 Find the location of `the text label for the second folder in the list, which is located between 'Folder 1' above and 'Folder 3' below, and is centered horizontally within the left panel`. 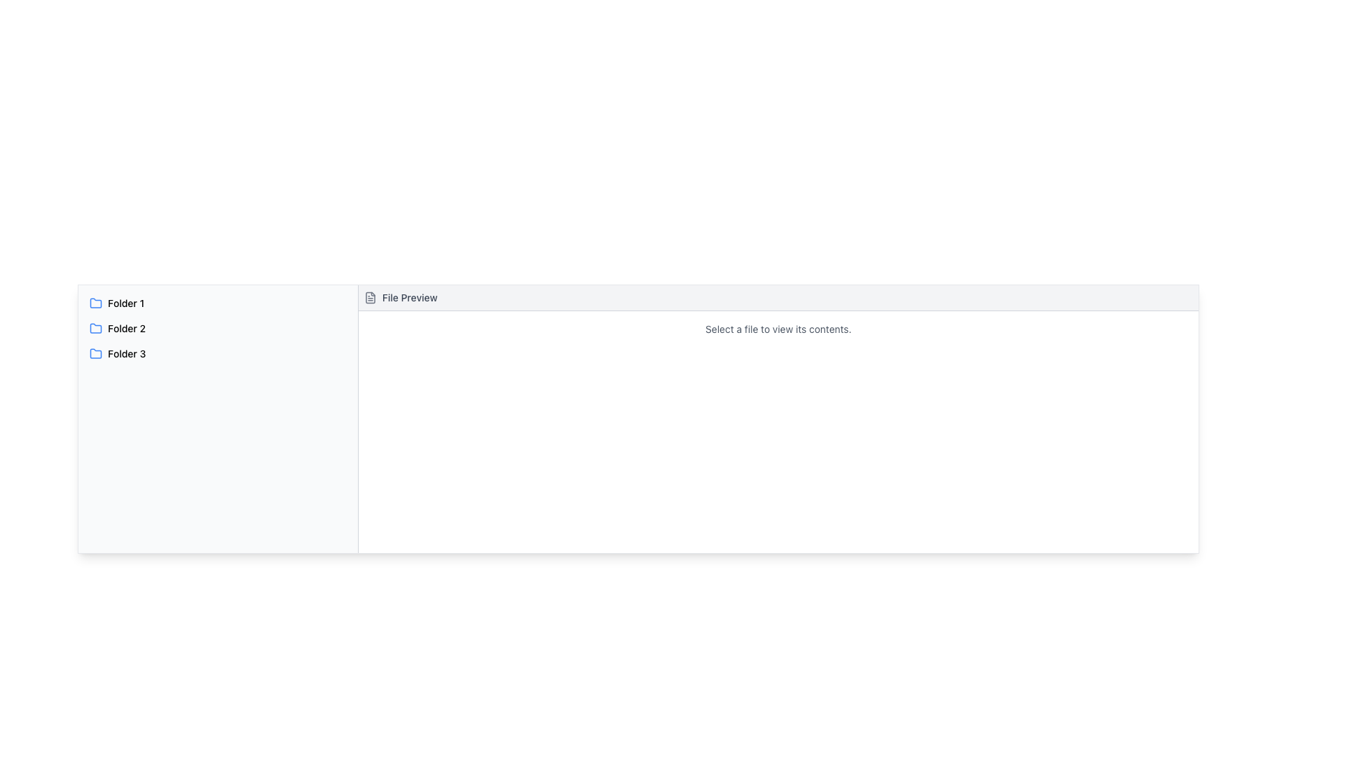

the text label for the second folder in the list, which is located between 'Folder 1' above and 'Folder 3' below, and is centered horizontally within the left panel is located at coordinates (127, 329).